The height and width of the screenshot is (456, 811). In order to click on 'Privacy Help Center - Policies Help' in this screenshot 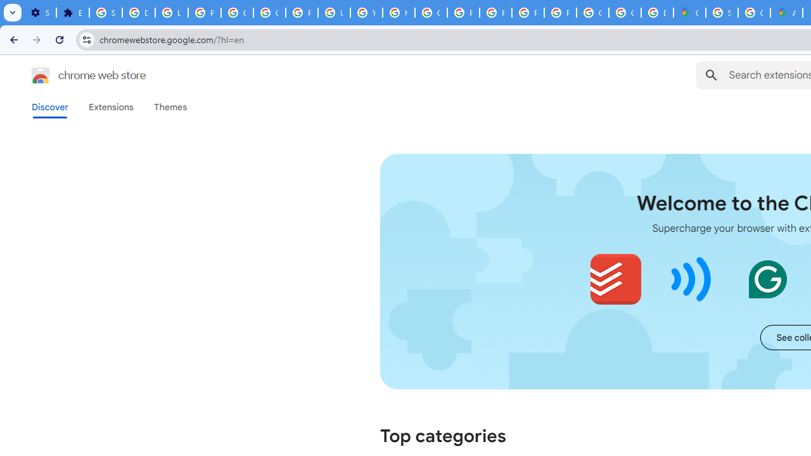, I will do `click(463, 13)`.